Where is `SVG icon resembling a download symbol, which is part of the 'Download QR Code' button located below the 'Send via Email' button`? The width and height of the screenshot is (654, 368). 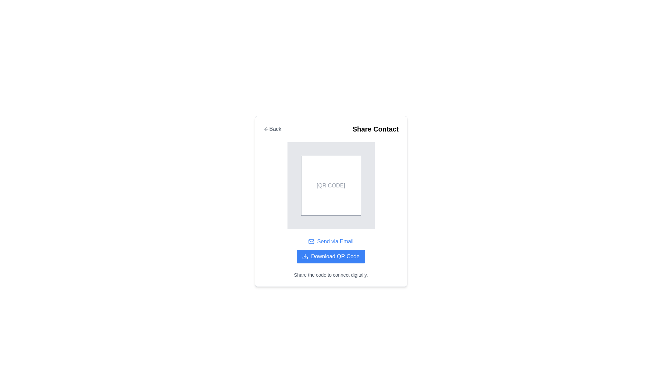
SVG icon resembling a download symbol, which is part of the 'Download QR Code' button located below the 'Send via Email' button is located at coordinates (305, 256).